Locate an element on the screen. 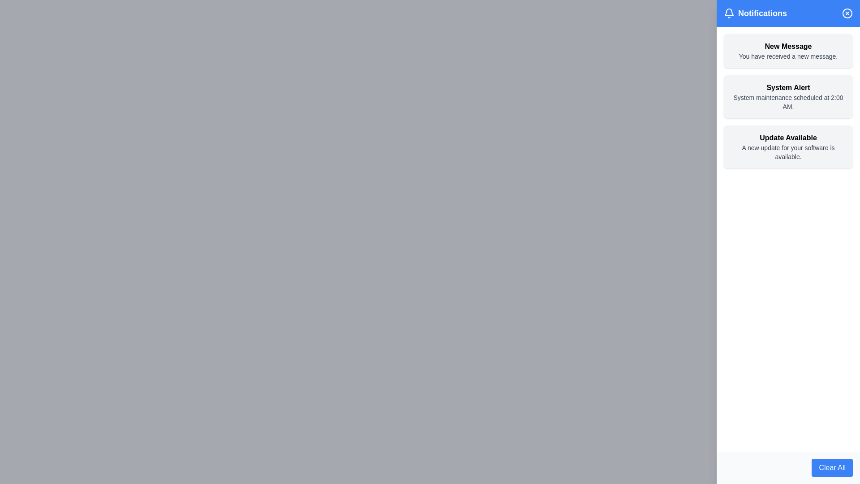  the Notification card that informs users about an upcoming system maintenance event at 2:00 AM, which is the second card in the vertical stack of notifications is located at coordinates (788, 97).